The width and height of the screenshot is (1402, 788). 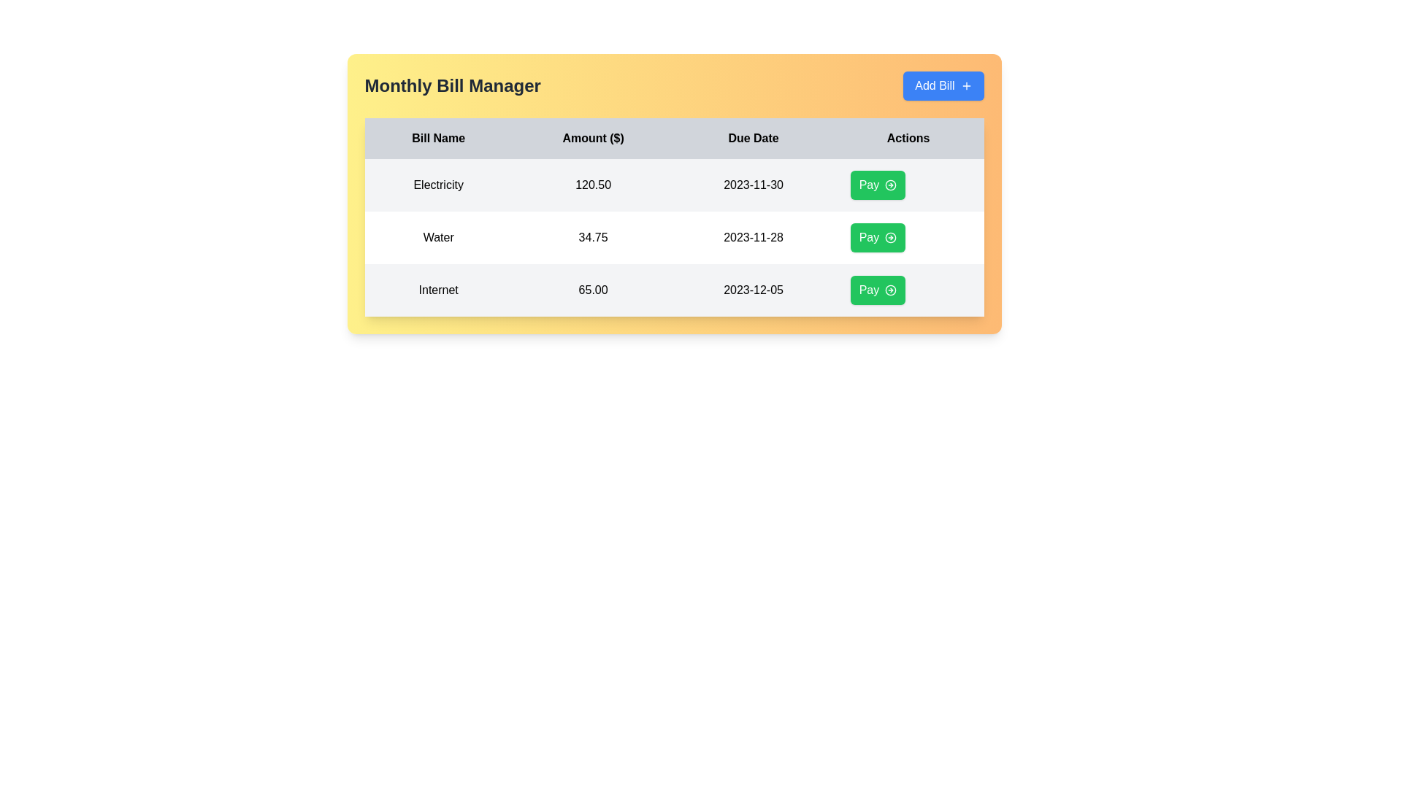 I want to click on the green 'Pay' button with a right-pointing arrow icon located in the second row of the 'Actions' column for the entry with the amount of 34.75 and due date of 2023-11-28 to initiate a payment, so click(x=877, y=237).